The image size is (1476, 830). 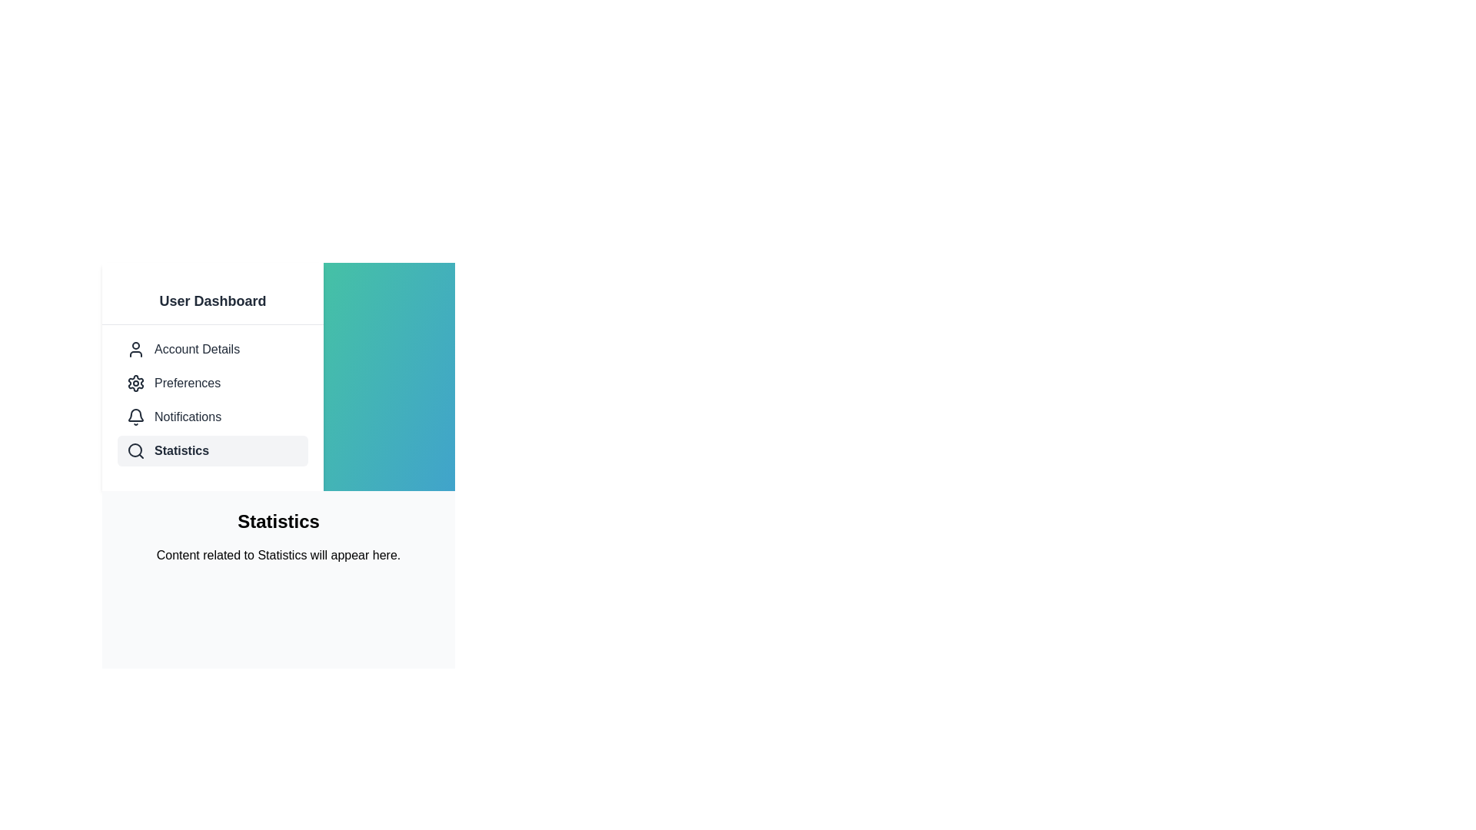 What do you see at coordinates (196, 350) in the screenshot?
I see `the Static Text Label that provides access to the Account Details section, located below the 'User Dashboard' header and above the 'Preferences' menu item in the vertical menu` at bounding box center [196, 350].